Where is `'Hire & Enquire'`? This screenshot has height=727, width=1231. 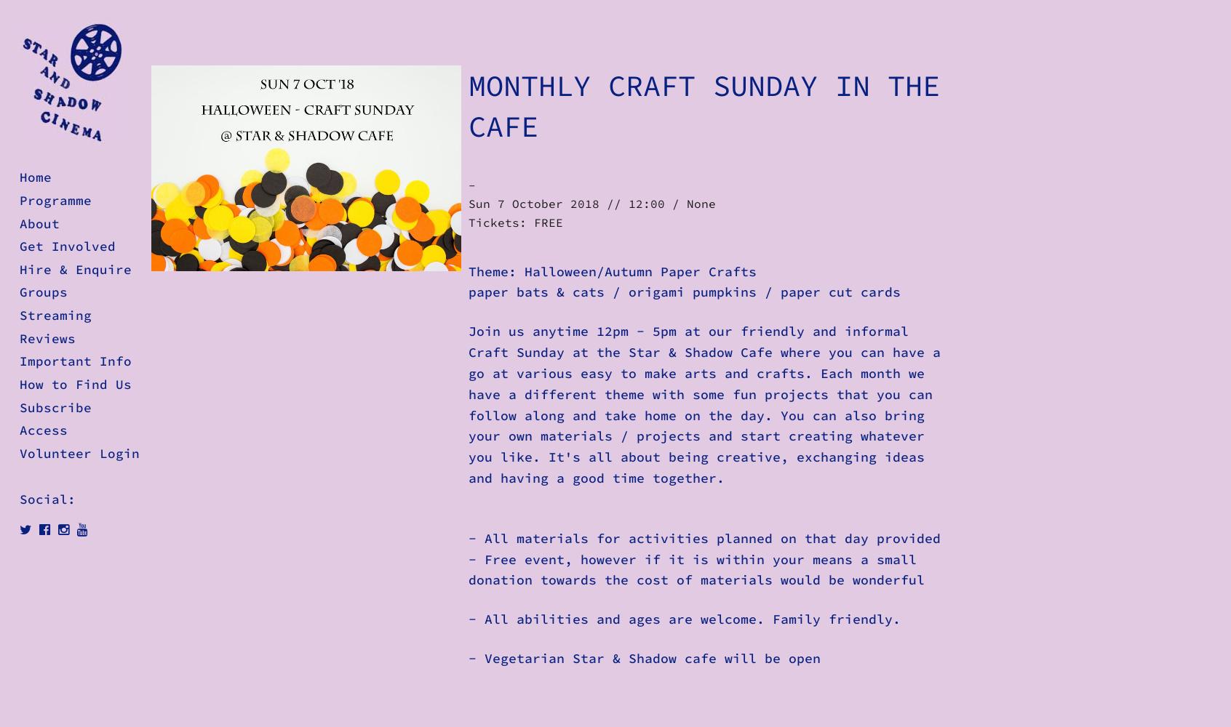
'Hire & Enquire' is located at coordinates (76, 268).